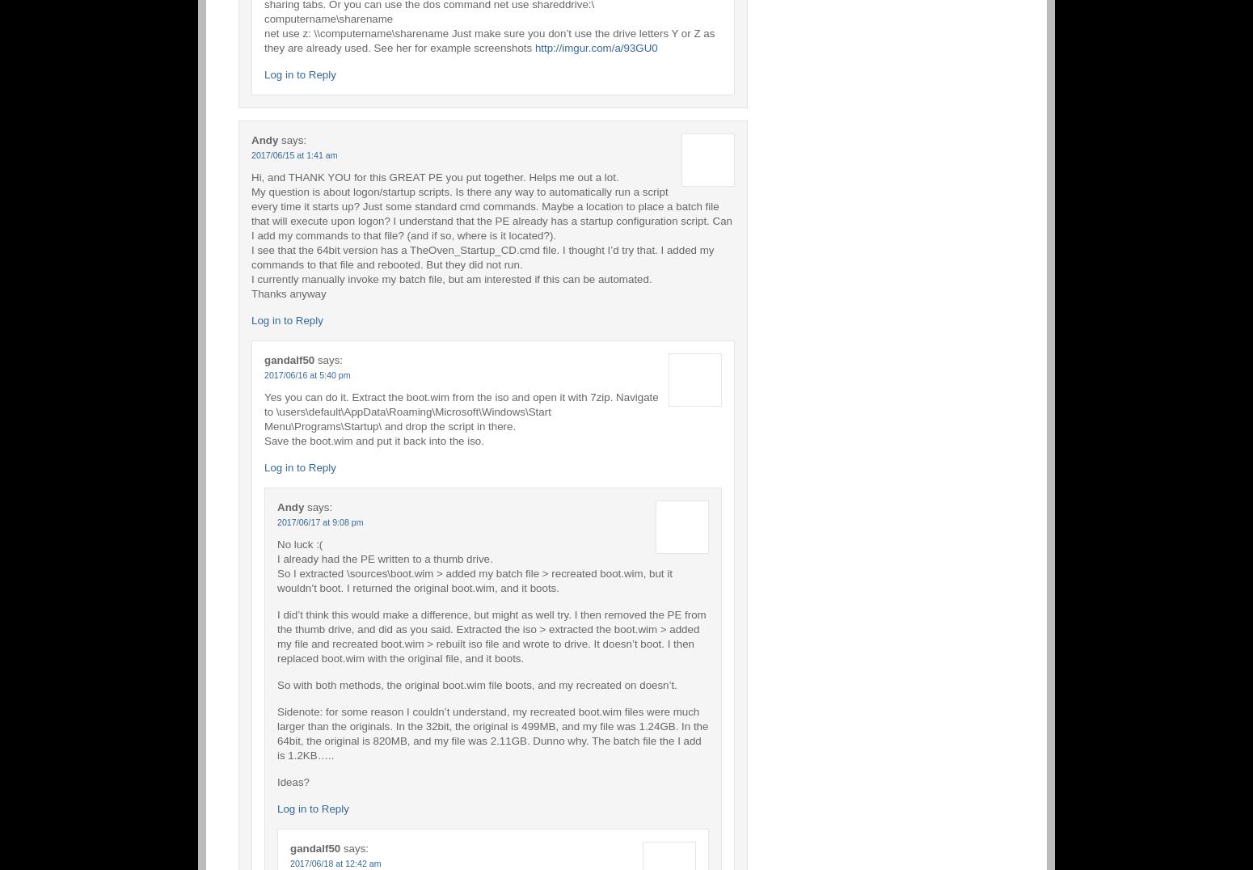 The width and height of the screenshot is (1253, 870). I want to click on '2017/06/15 at 1:41 am', so click(293, 153).